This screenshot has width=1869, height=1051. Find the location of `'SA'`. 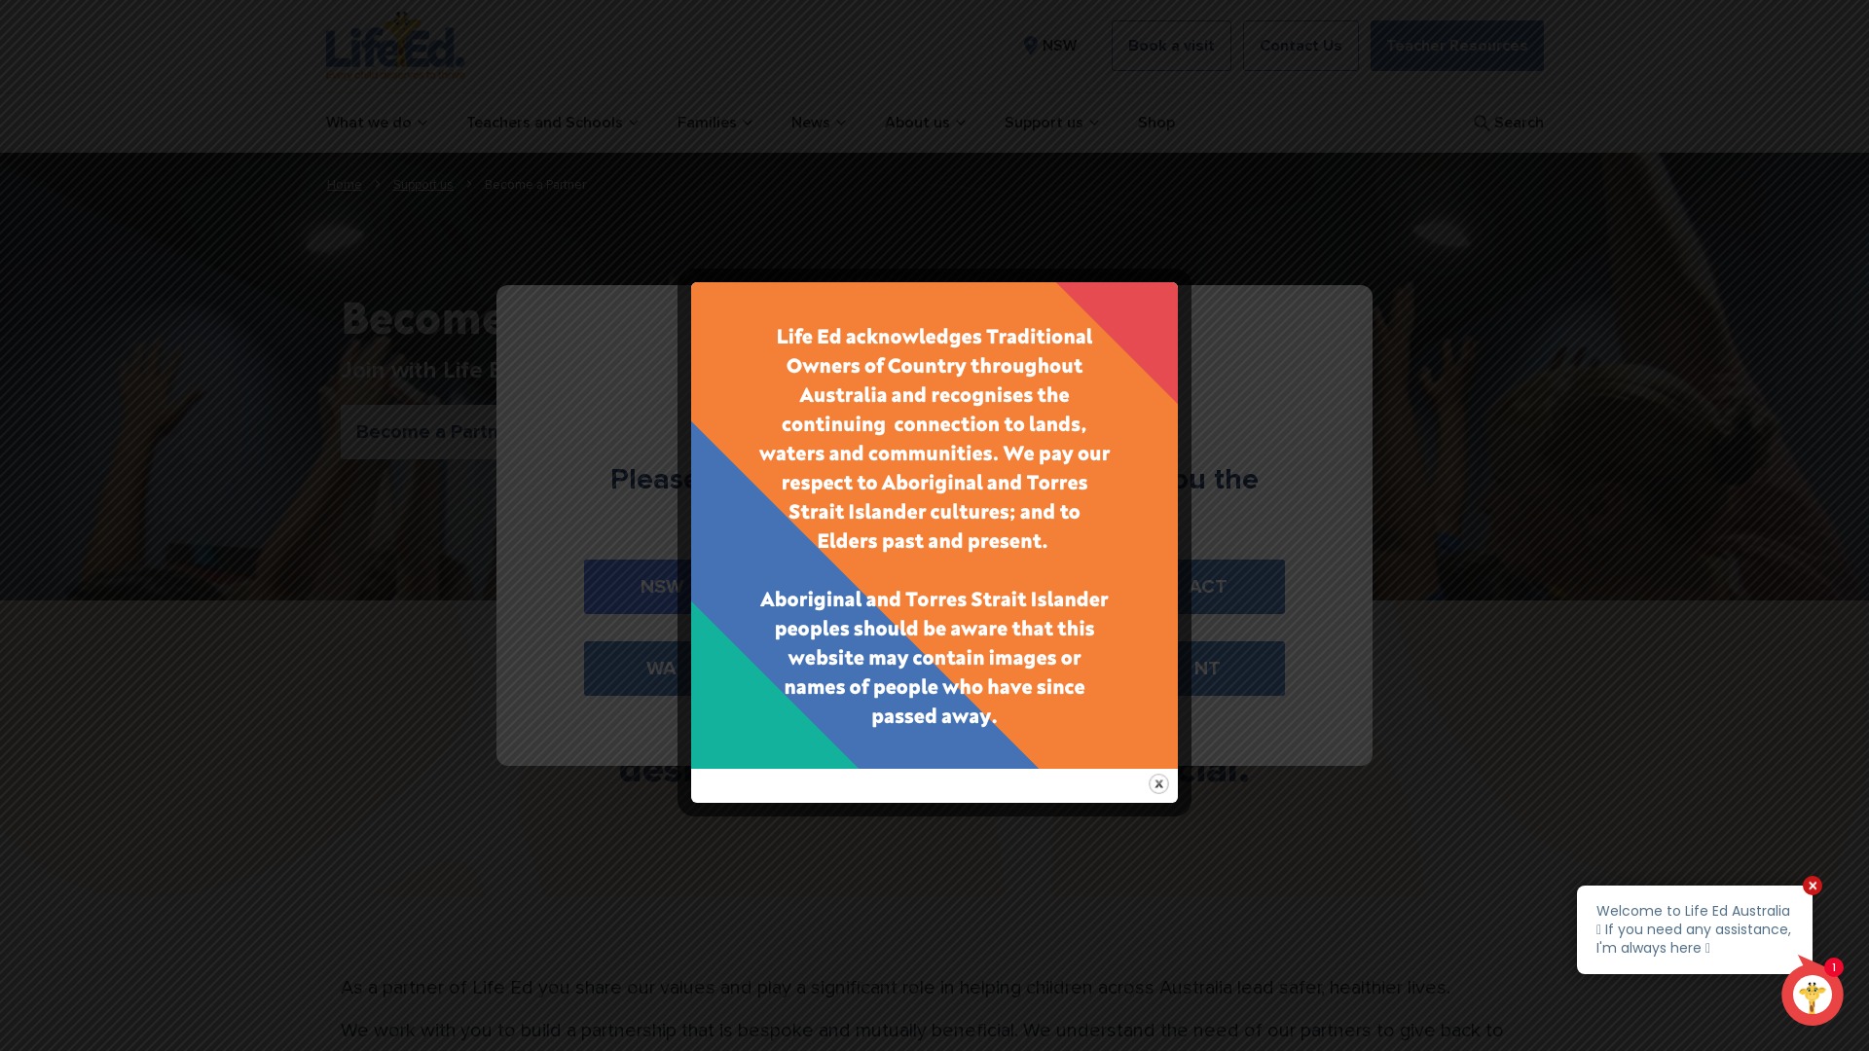

'SA' is located at coordinates (843, 667).